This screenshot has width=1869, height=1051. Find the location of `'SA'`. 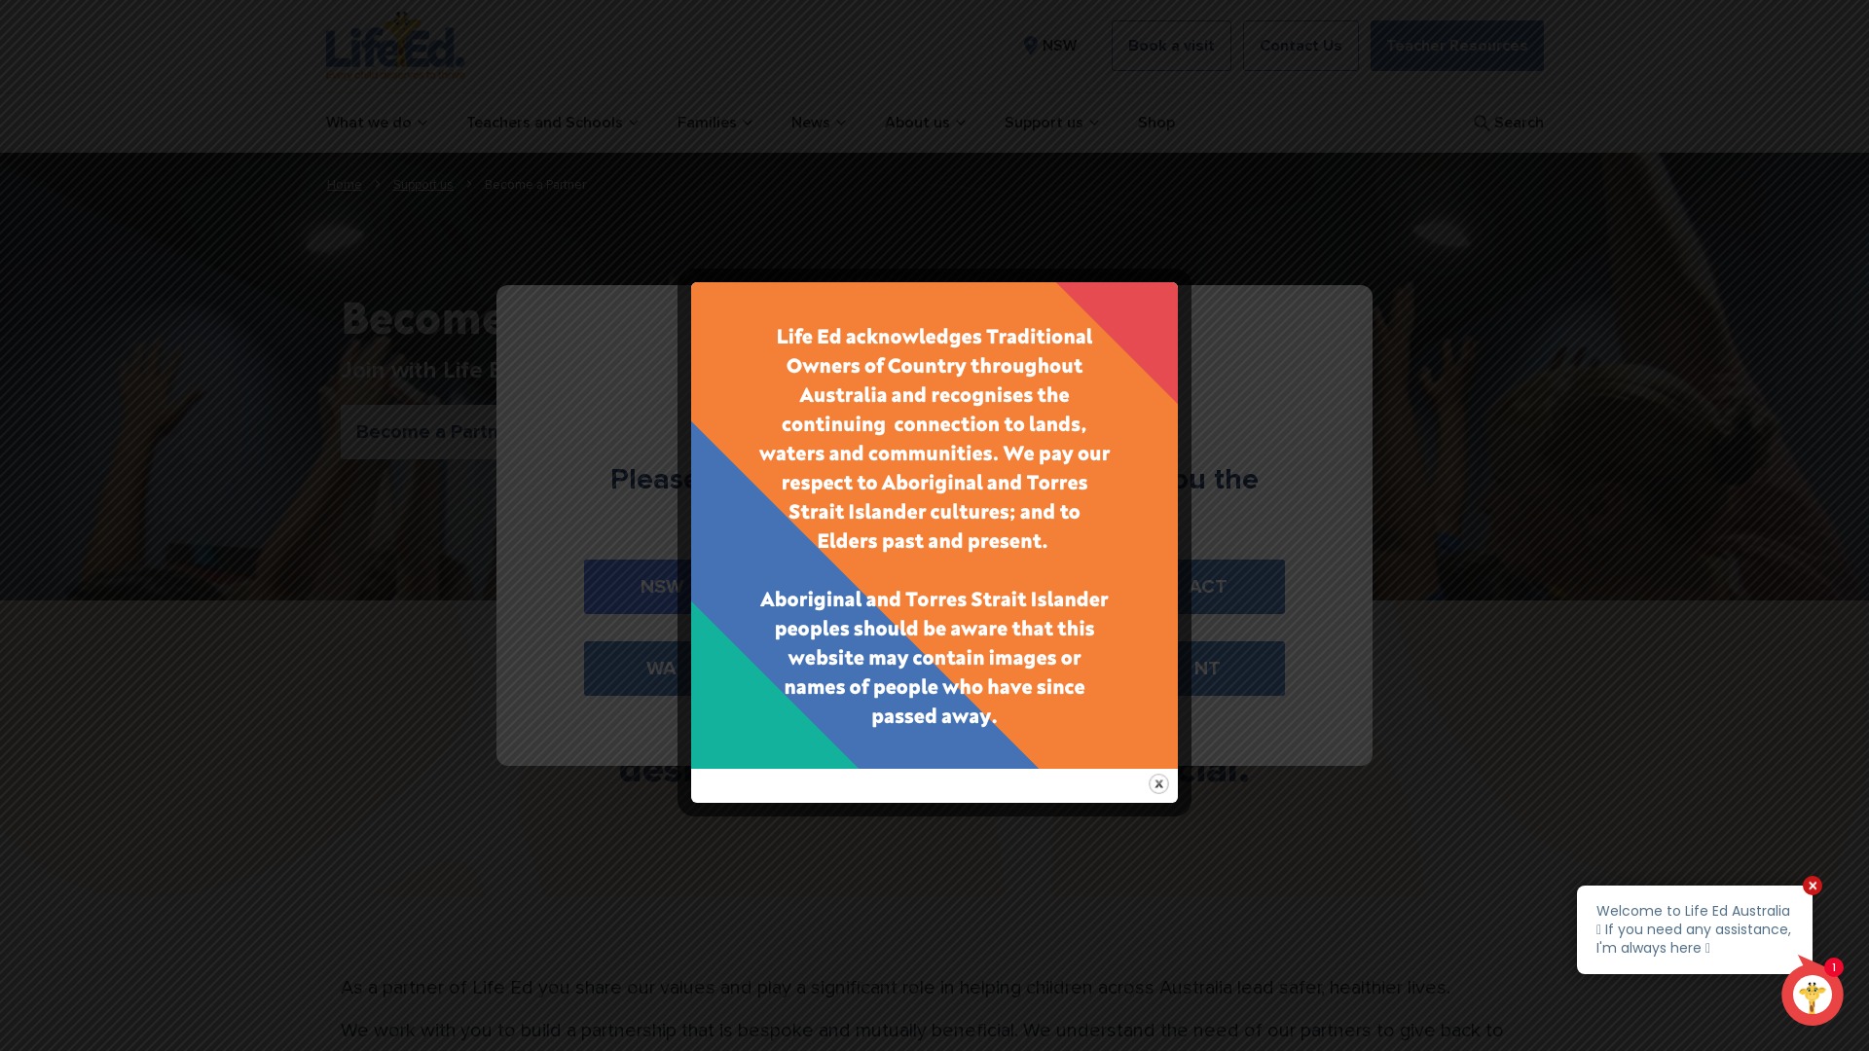

'SA' is located at coordinates (843, 667).